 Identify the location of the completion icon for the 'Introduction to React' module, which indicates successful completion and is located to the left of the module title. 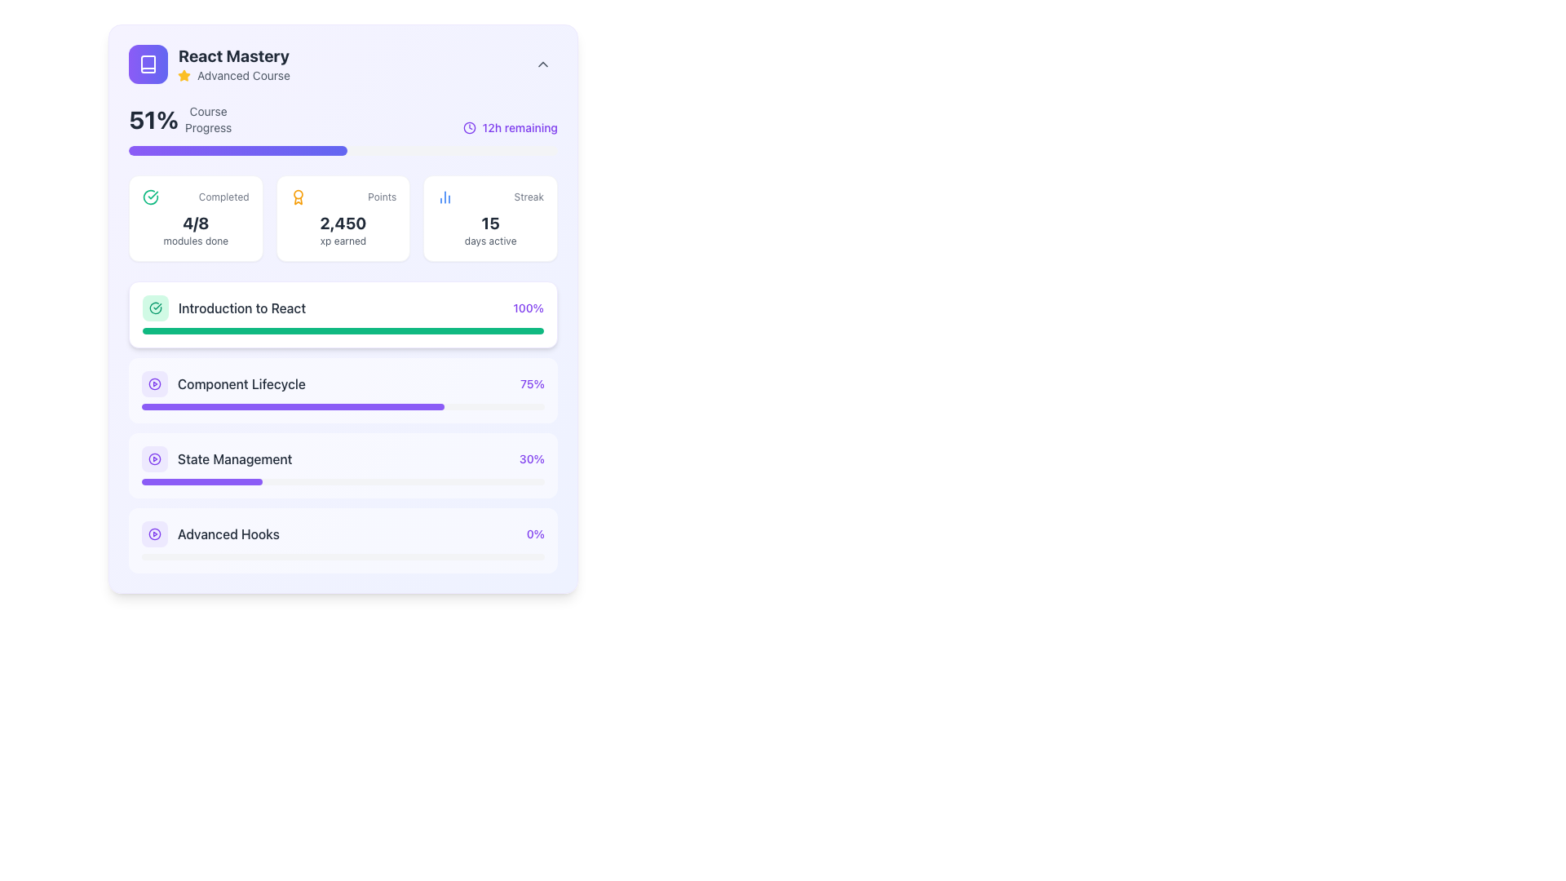
(156, 308).